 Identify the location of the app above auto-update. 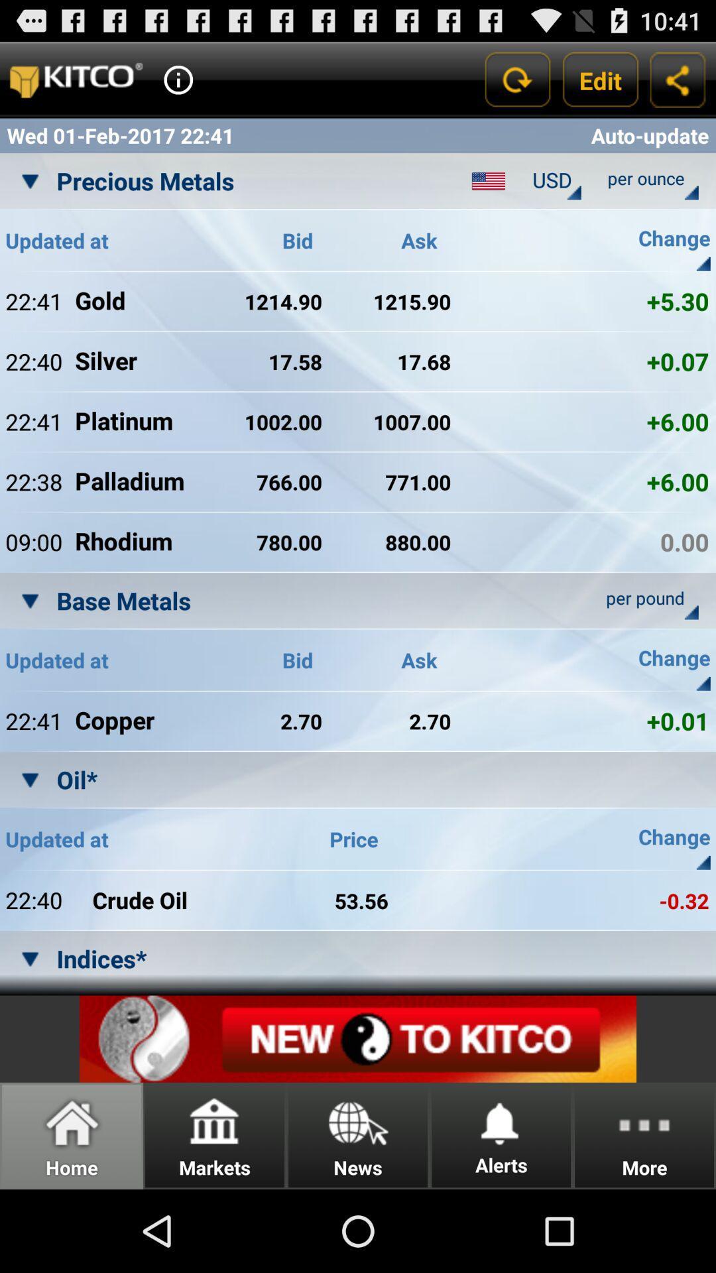
(601, 79).